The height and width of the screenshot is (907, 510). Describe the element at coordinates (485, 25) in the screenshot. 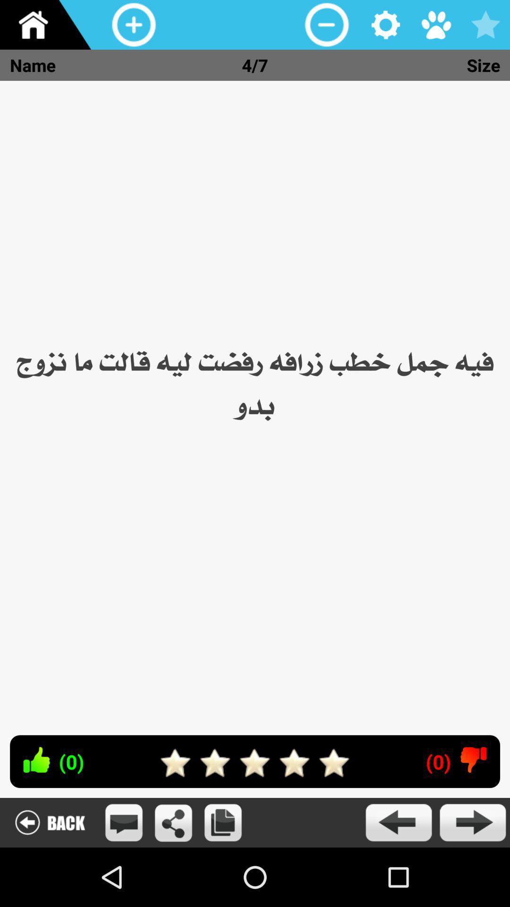

I see `set favorite` at that location.